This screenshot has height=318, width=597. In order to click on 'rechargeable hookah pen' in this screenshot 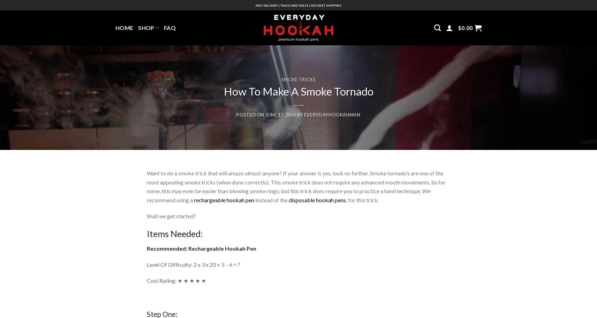, I will do `click(224, 199)`.